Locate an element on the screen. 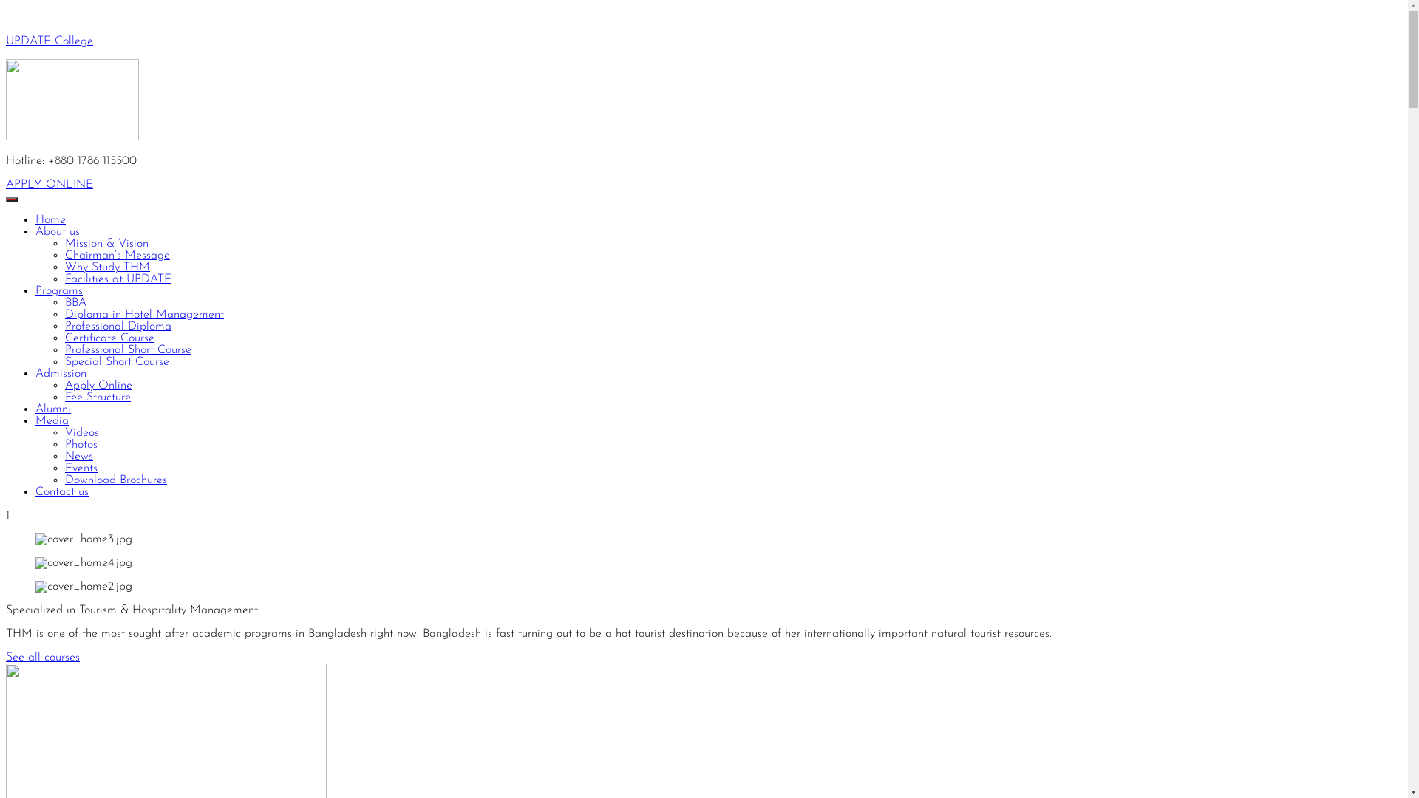 This screenshot has width=1419, height=798. 'Fee Structure' is located at coordinates (97, 396).